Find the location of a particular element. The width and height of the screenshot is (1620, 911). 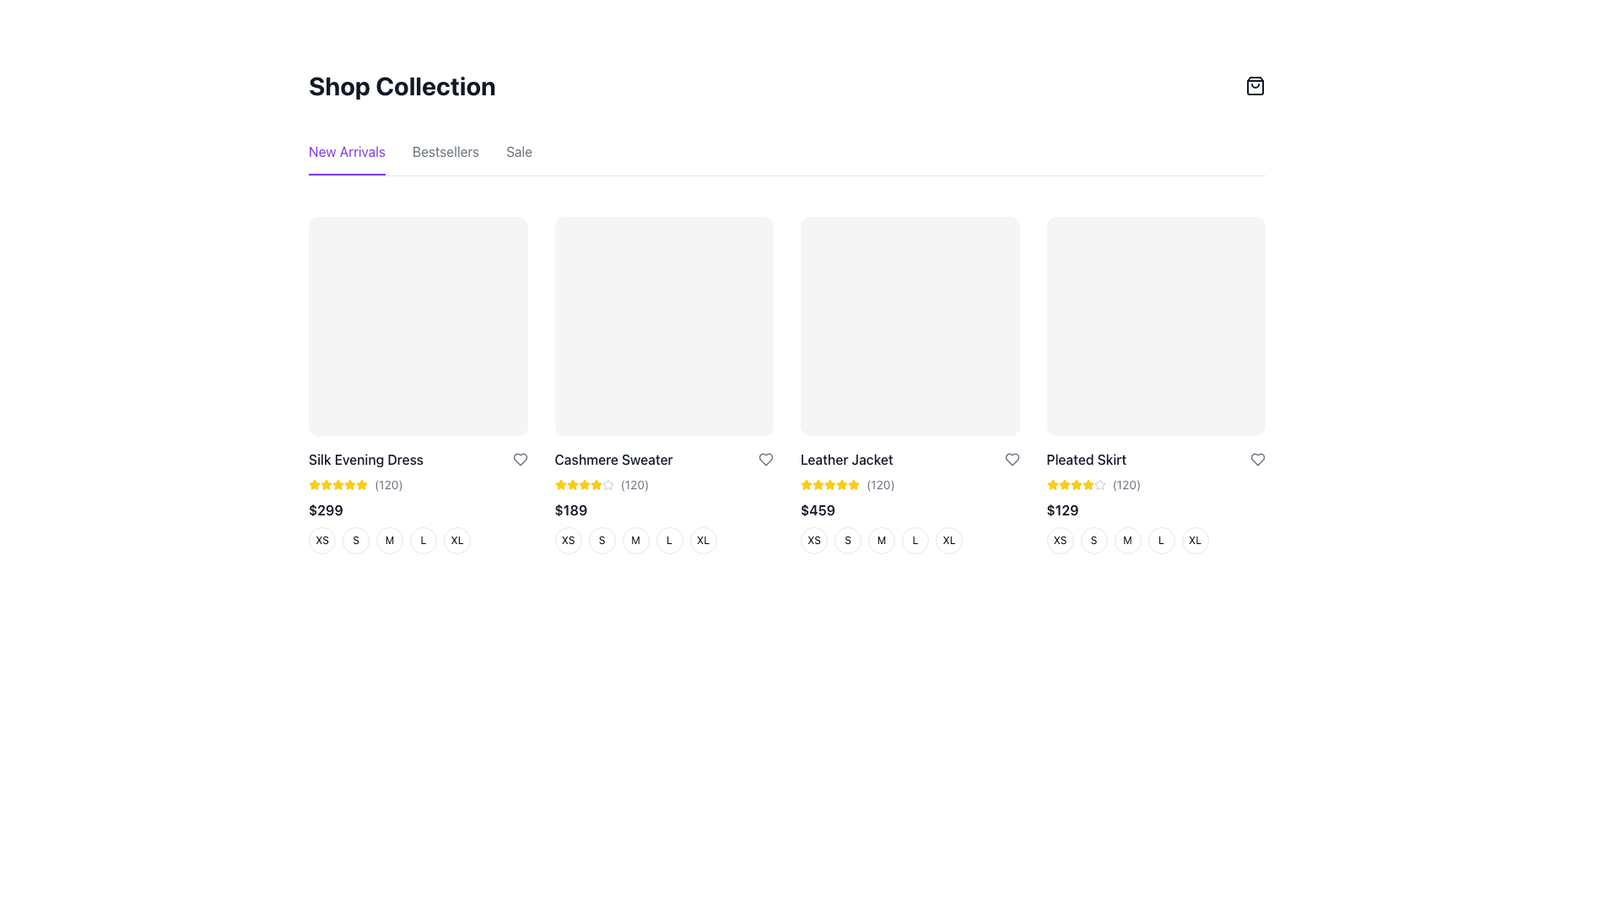

the second clickable text link in the navigation bar labeled 'Bestsellers' is located at coordinates (445, 159).